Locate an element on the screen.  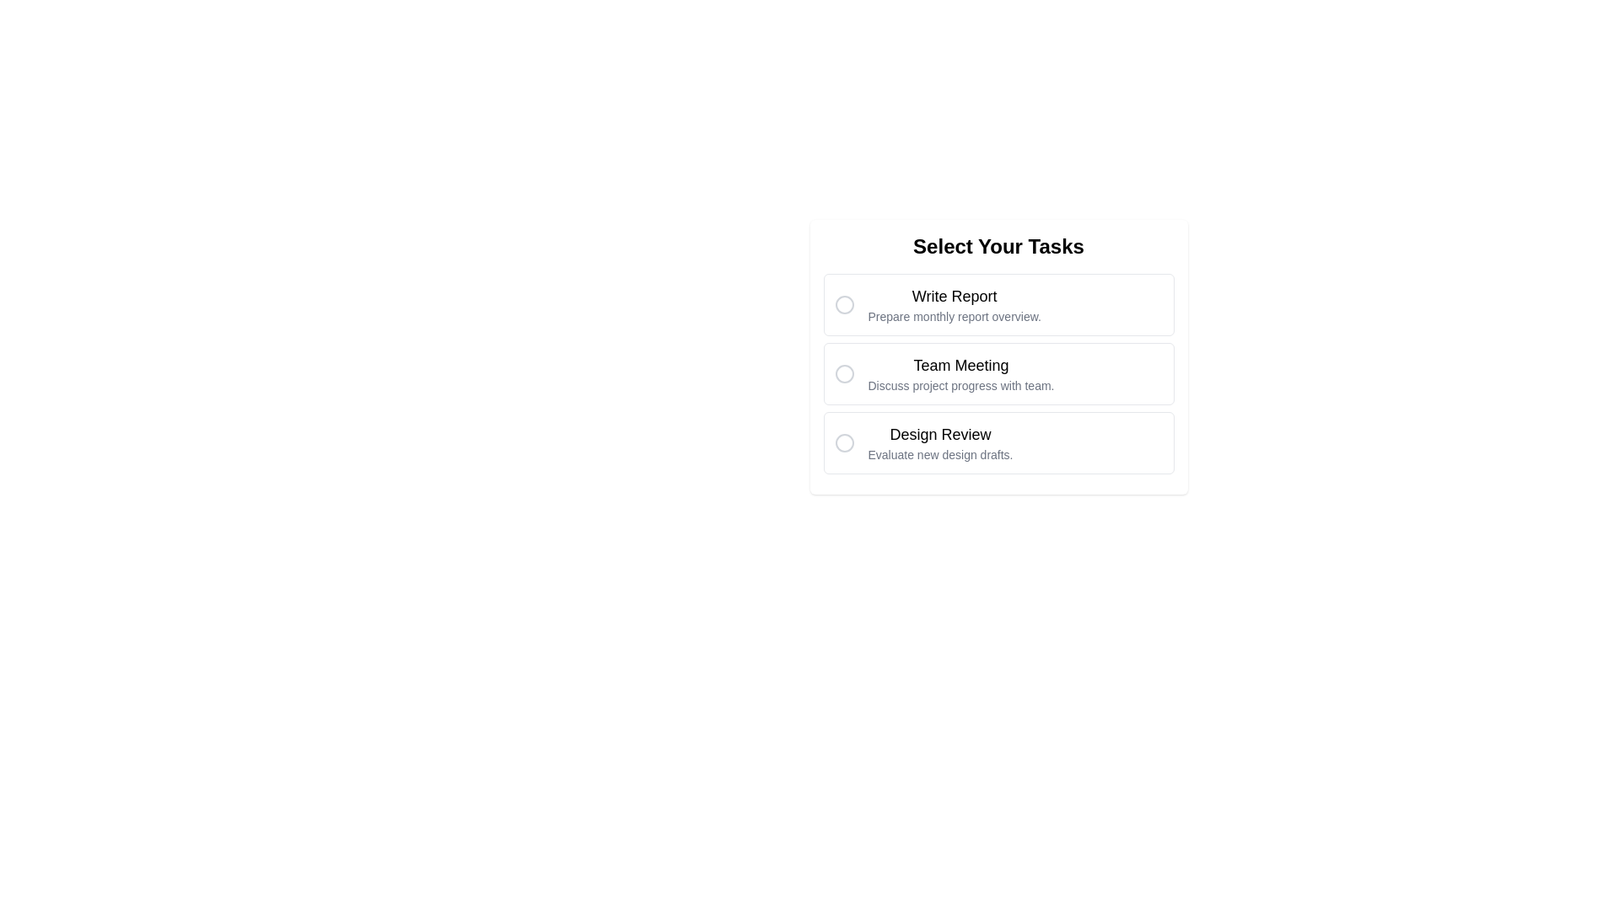
the graphical representation of the SVG Circle Element indicating the 'Team Meeting' option in the 'Select Your Tasks' list is located at coordinates (844, 372).